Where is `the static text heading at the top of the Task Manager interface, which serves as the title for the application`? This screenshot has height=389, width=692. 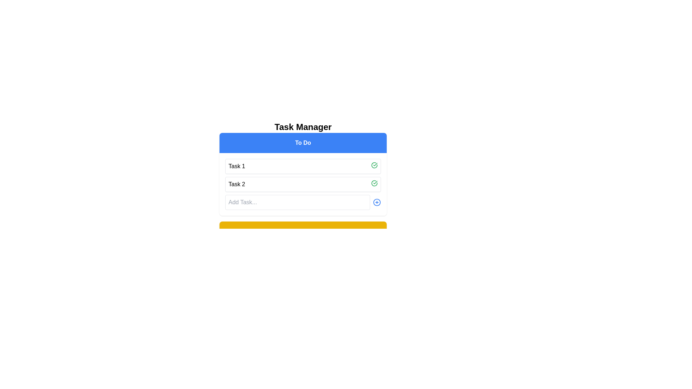
the static text heading at the top of the Task Manager interface, which serves as the title for the application is located at coordinates (303, 127).